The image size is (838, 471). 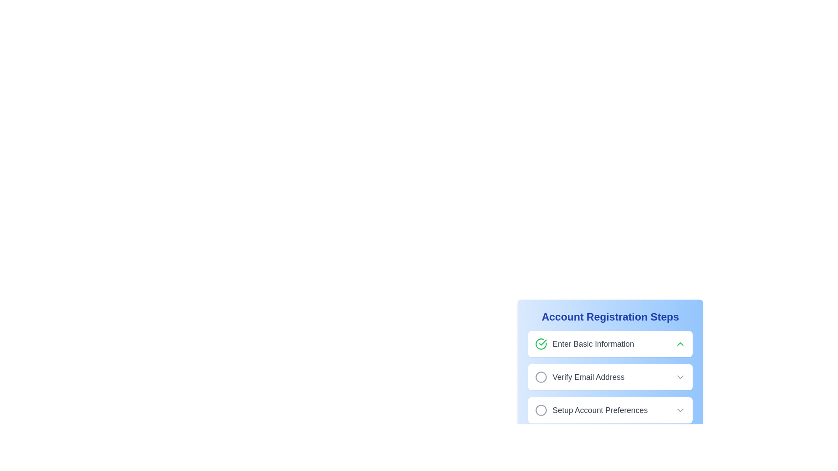 What do you see at coordinates (540, 344) in the screenshot?
I see `the circular icon with a green outline and checkmark in the center, located to the left of the 'Enter Basic Information' text in the 'Account Registration Steps' section` at bounding box center [540, 344].